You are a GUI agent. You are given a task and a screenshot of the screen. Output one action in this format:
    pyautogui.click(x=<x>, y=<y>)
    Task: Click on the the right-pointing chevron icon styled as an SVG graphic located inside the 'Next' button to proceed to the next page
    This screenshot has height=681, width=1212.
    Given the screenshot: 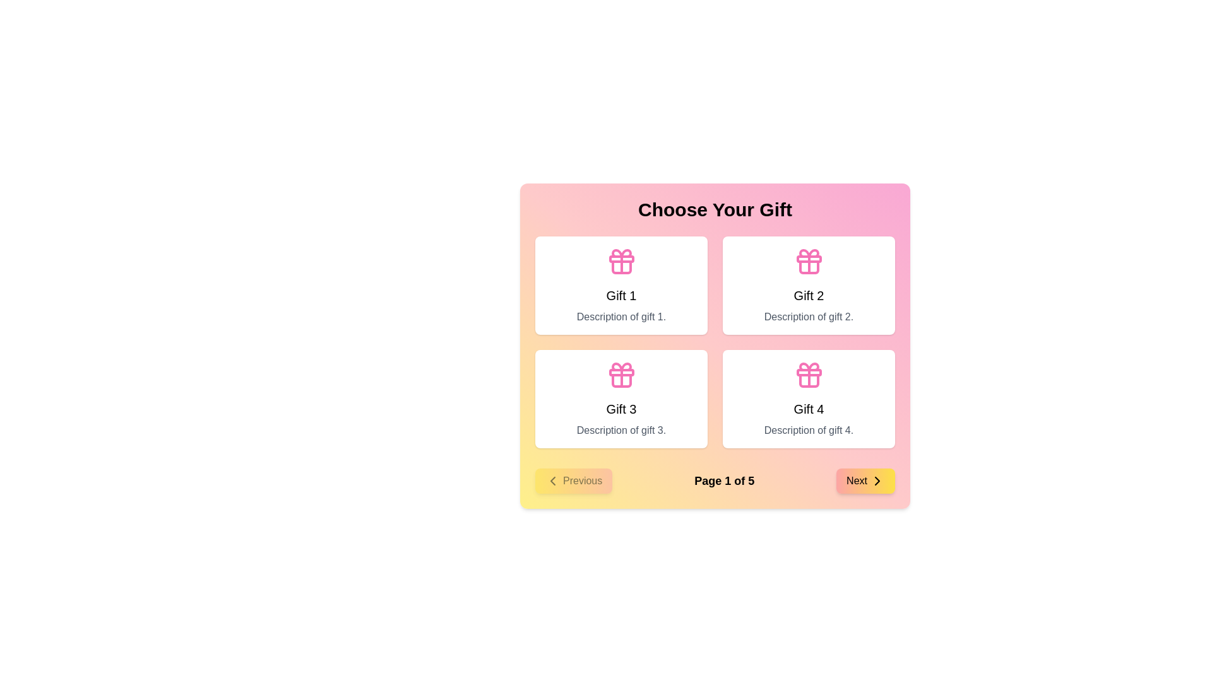 What is the action you would take?
    pyautogui.click(x=877, y=481)
    